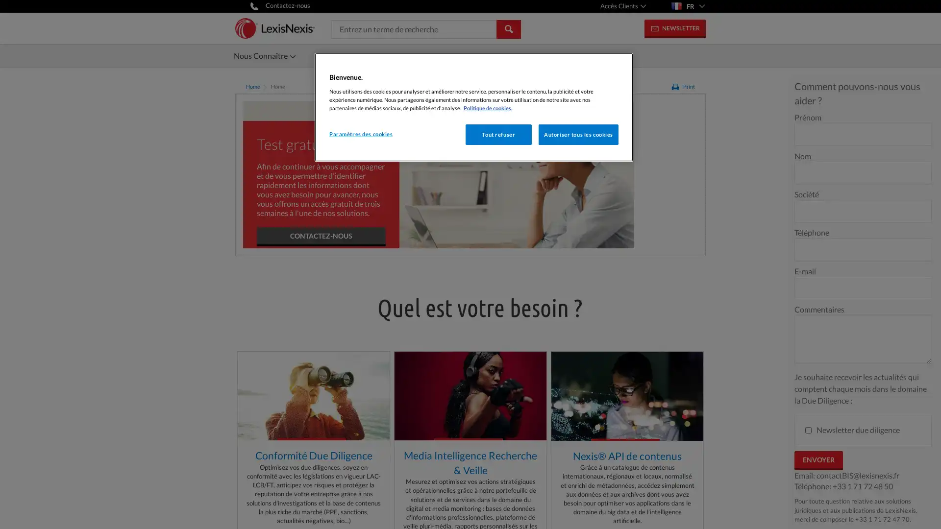  I want to click on Tout refuser, so click(498, 134).